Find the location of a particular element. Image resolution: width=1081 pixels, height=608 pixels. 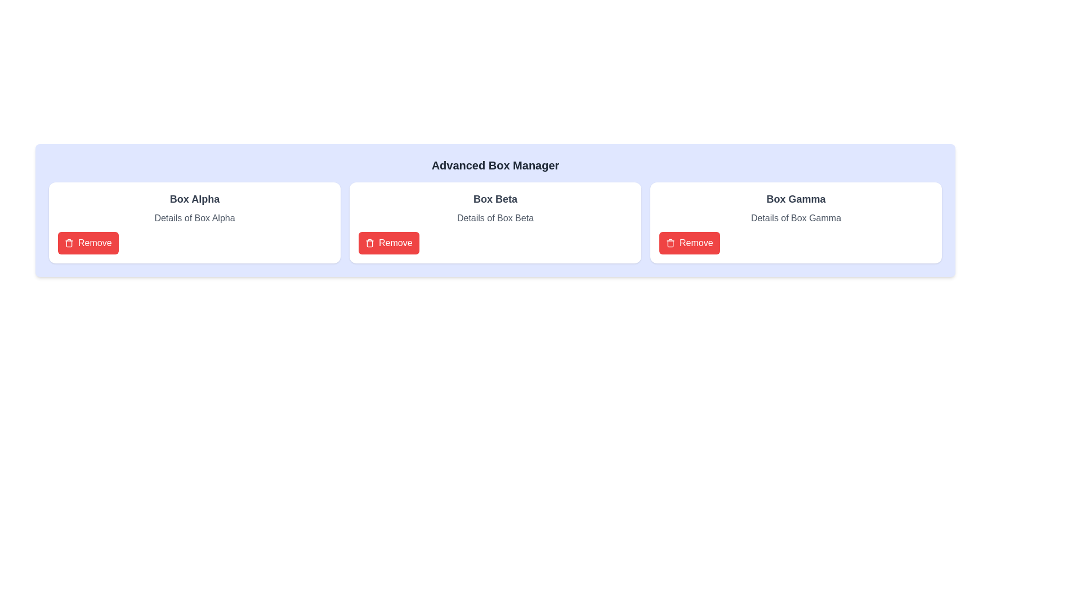

the trash can SVG icon located to the left of the 'Remove' text within the red rectangular button below the 'Box Beta' card is located at coordinates (370, 243).